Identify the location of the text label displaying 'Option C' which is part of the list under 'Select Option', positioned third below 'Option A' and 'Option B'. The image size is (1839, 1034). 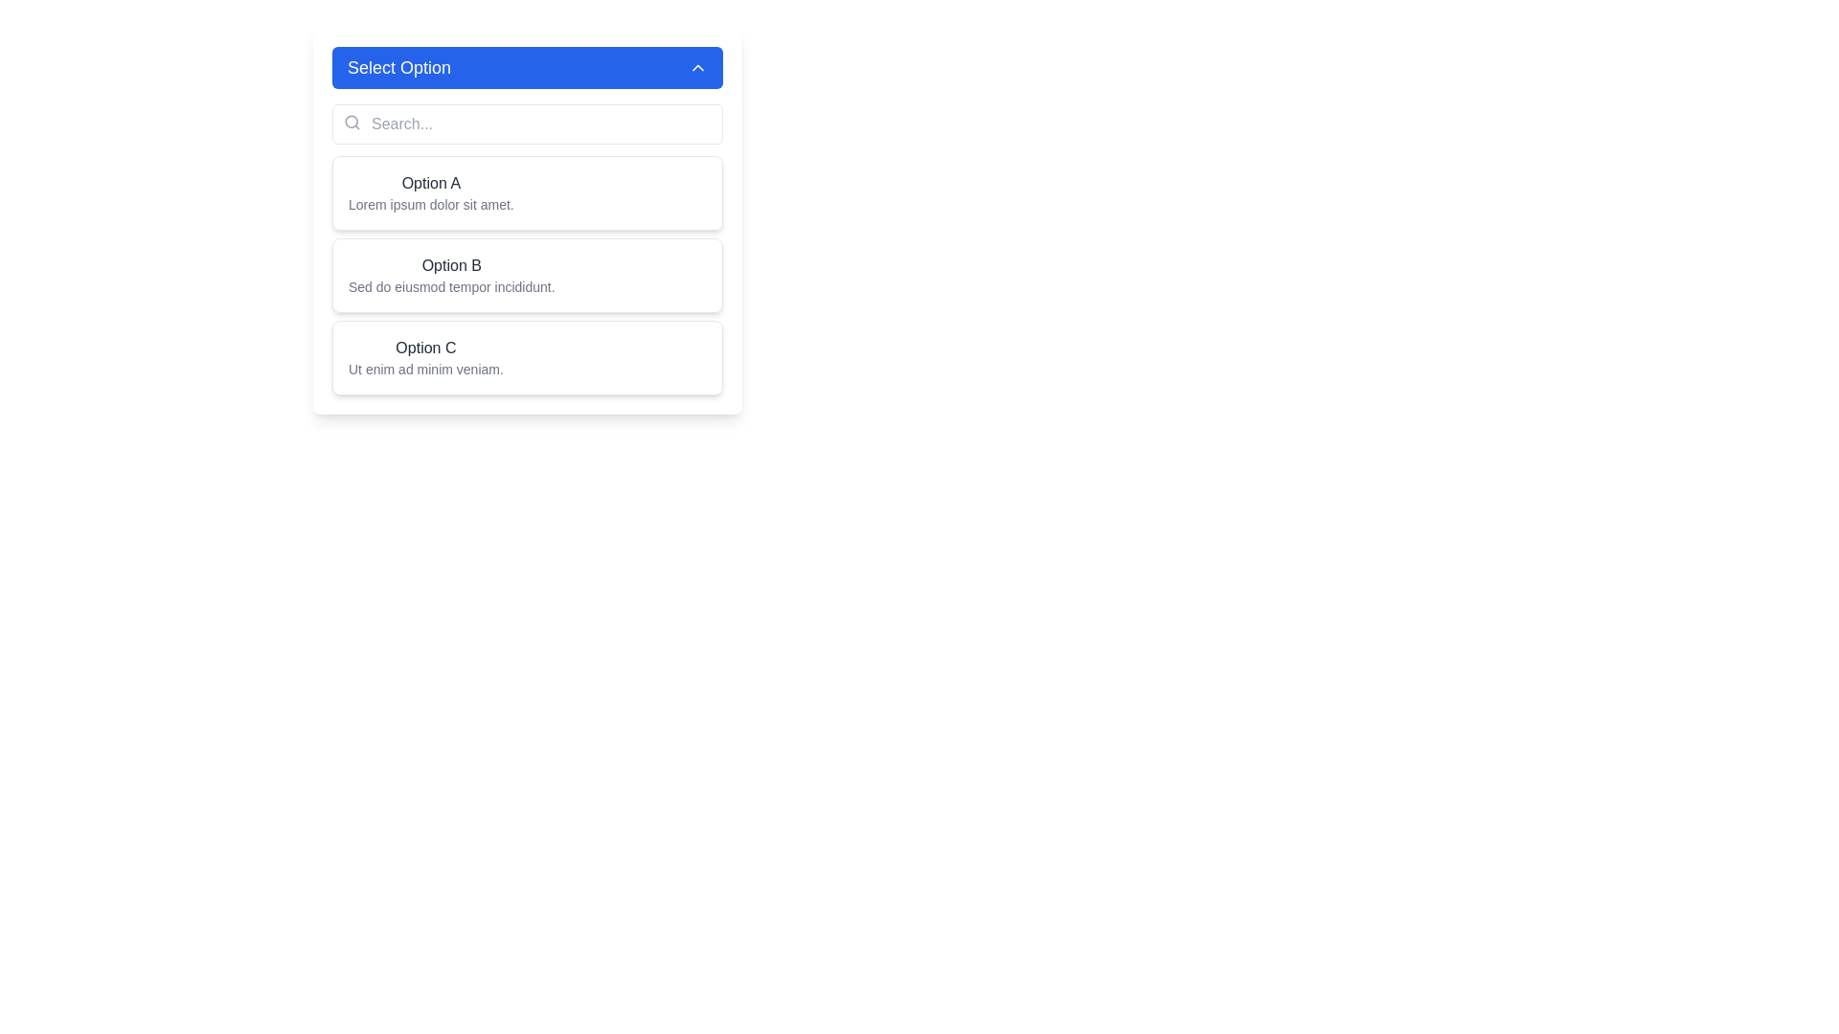
(424, 348).